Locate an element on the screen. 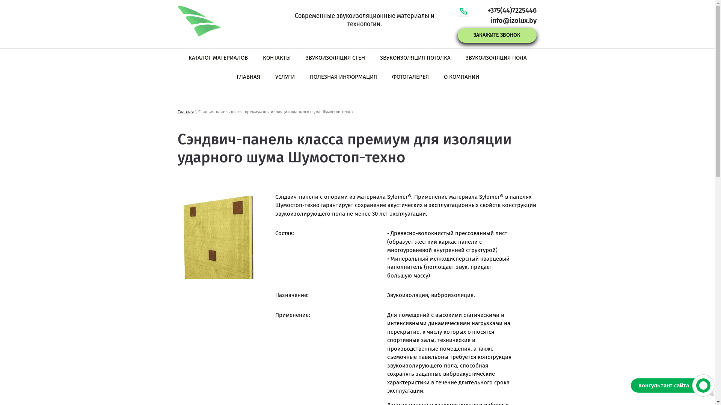 This screenshot has width=721, height=405. 'info@izolux.by' is located at coordinates (513, 20).